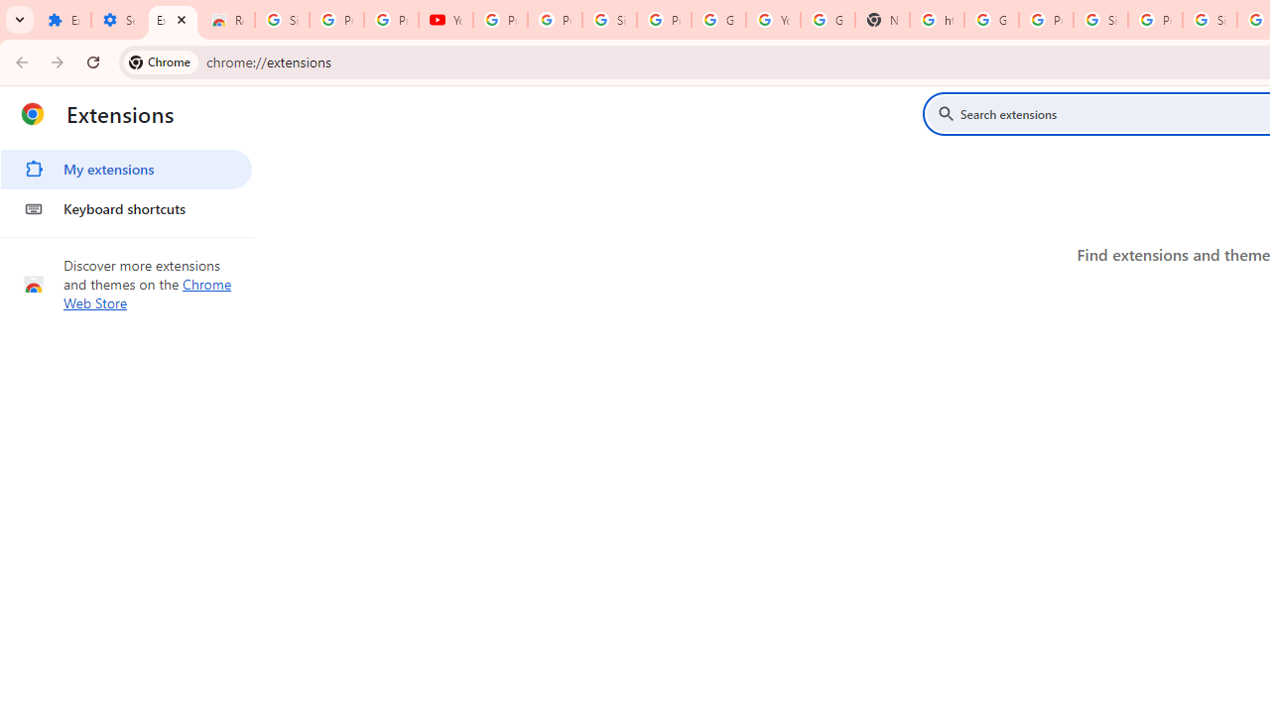 The width and height of the screenshot is (1270, 714). Describe the element at coordinates (880, 20) in the screenshot. I see `'New Tab'` at that location.